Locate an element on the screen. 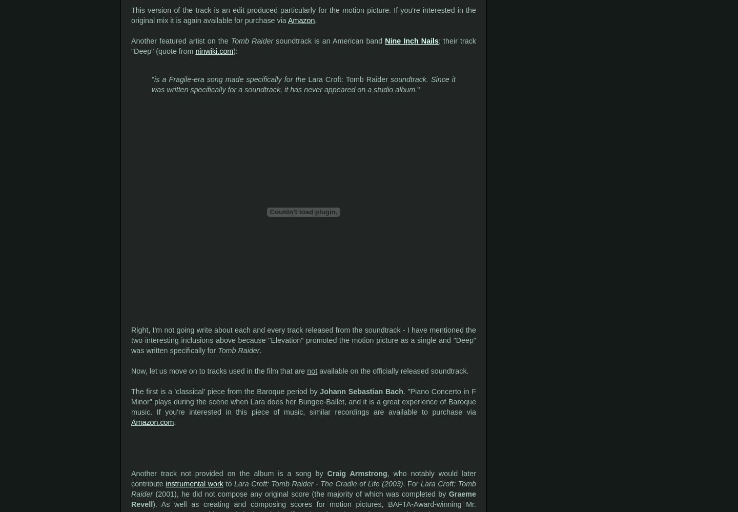  '(2001), he did not compose any original score (the majority of which was completed by' is located at coordinates (300, 494).